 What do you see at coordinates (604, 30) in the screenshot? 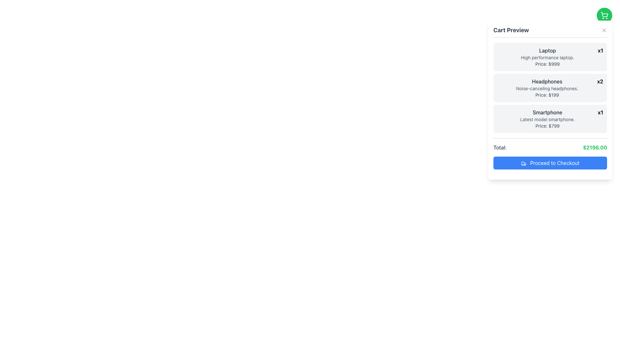
I see `the close button in the top-right corner of the Cart Preview section` at bounding box center [604, 30].